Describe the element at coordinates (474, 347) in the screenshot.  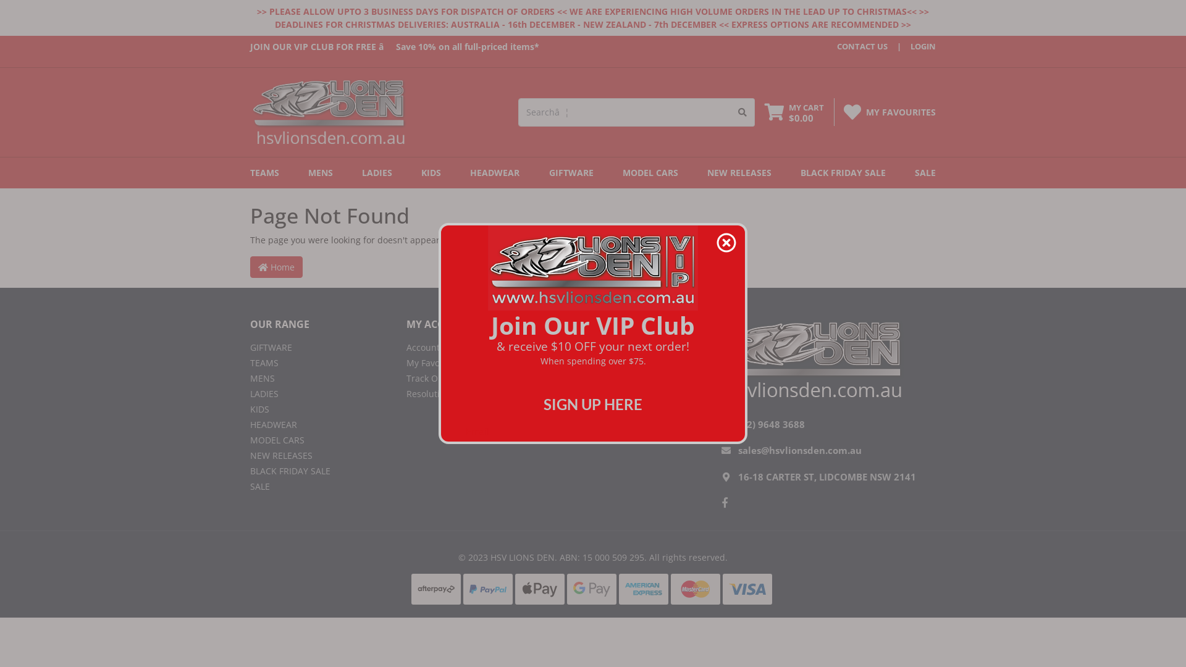
I see `'Account Home'` at that location.